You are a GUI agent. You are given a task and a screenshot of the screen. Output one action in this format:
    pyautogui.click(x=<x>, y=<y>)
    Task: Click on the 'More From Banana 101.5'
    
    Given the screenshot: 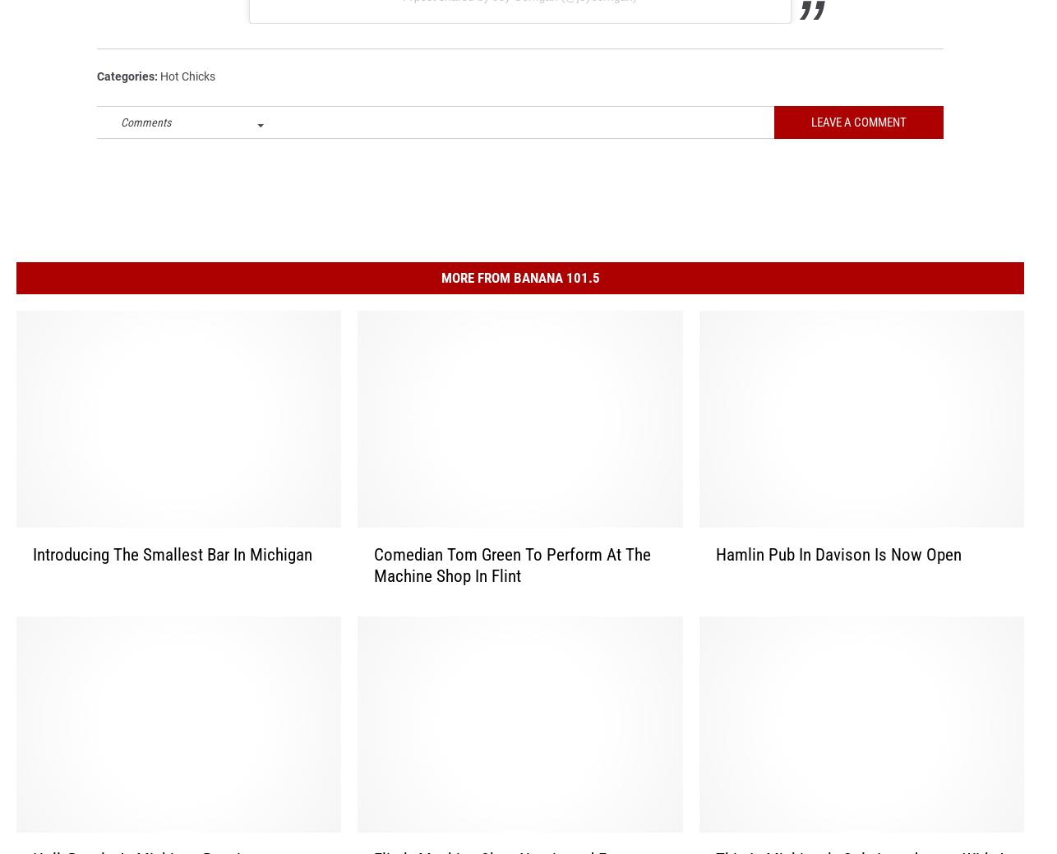 What is the action you would take?
    pyautogui.click(x=519, y=299)
    